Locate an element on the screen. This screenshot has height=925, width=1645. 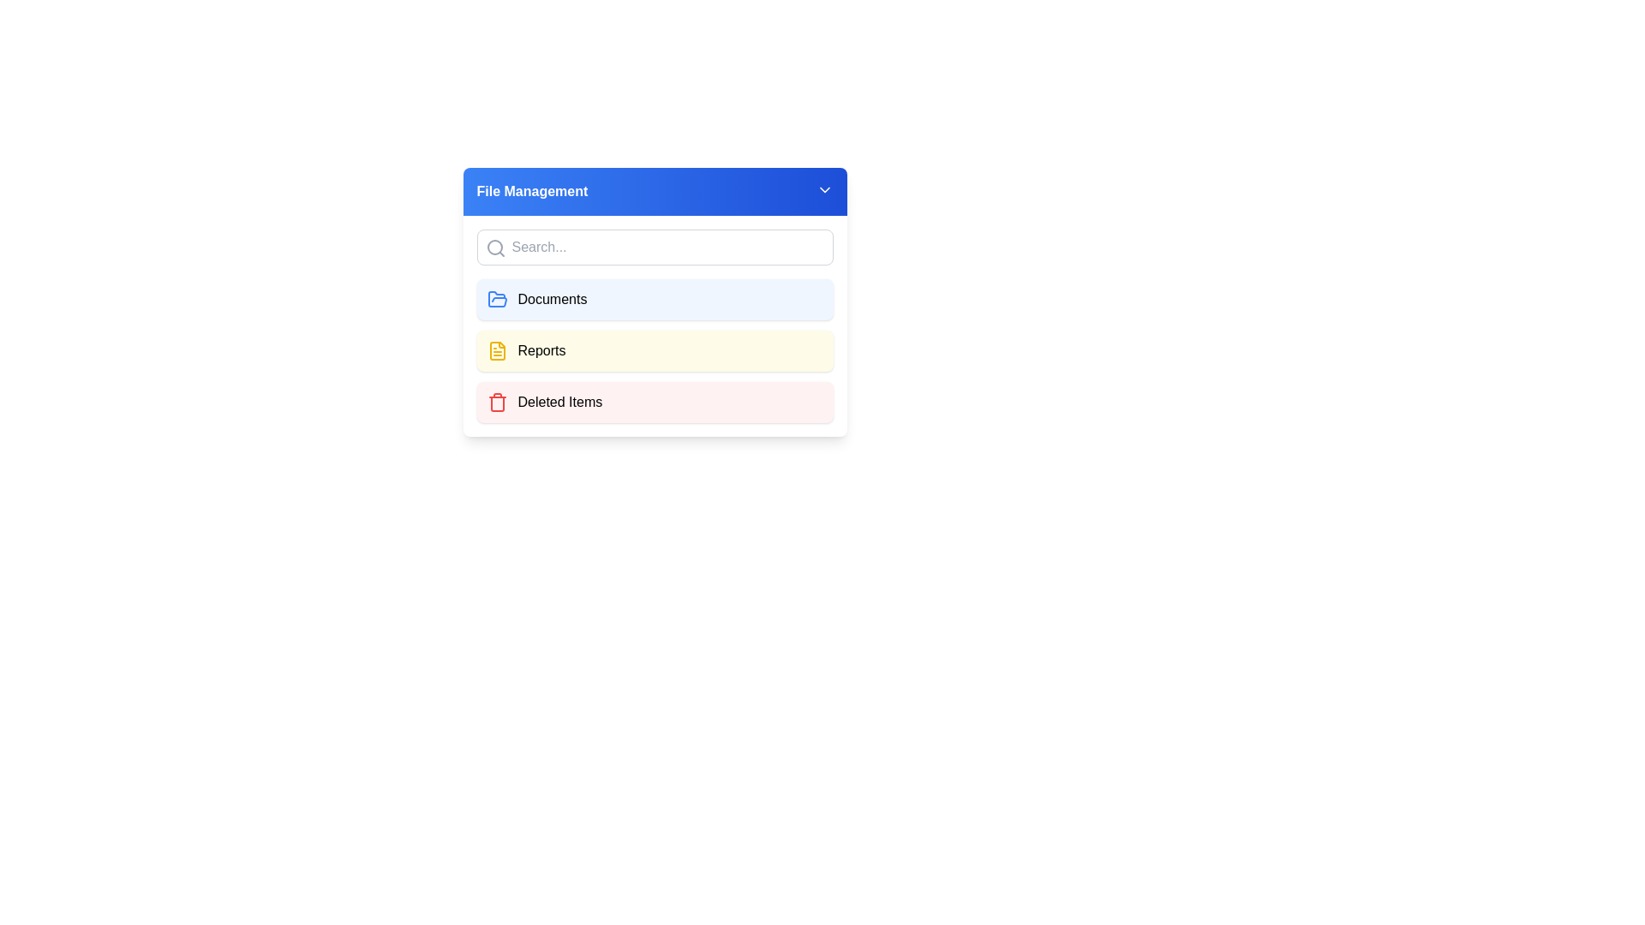
the 'Documents' button is located at coordinates (654, 299).